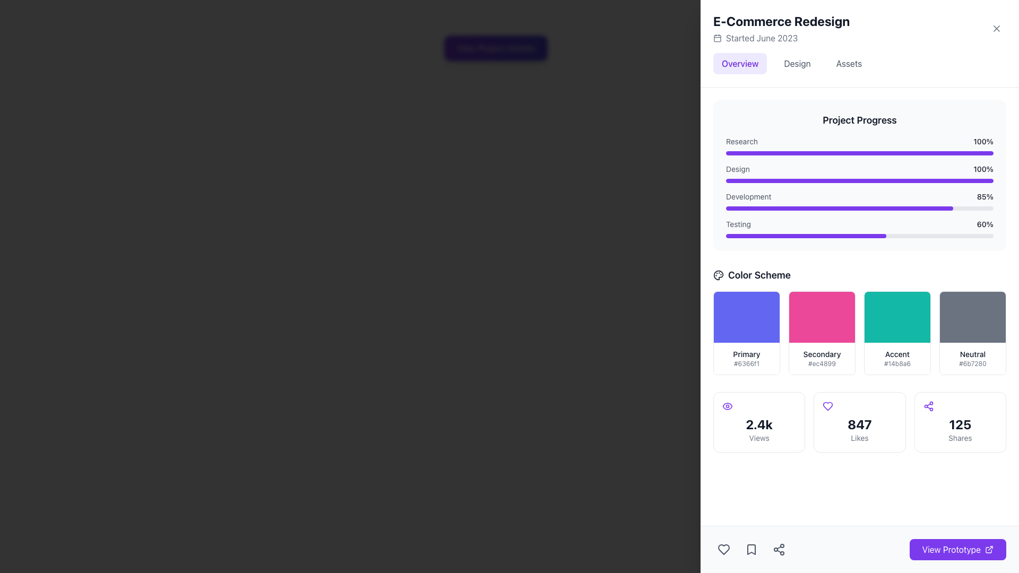  What do you see at coordinates (495, 48) in the screenshot?
I see `the 'View Project Details' button, which is a rectangular button with rounded corners and a violet to indigo gradient background` at bounding box center [495, 48].